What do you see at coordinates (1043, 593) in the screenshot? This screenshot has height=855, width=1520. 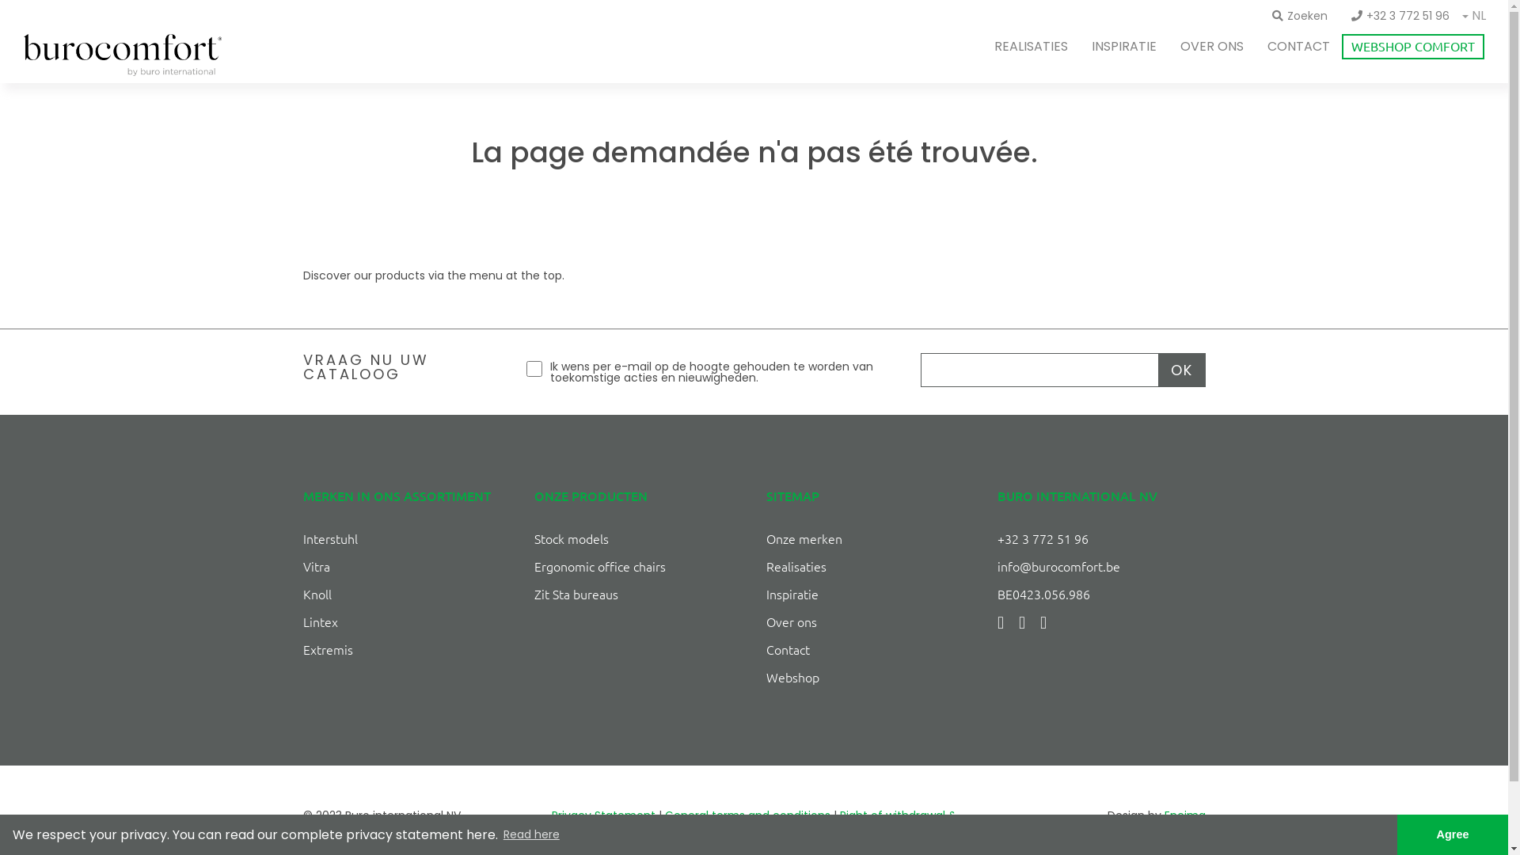 I see `'BE0423.056.986'` at bounding box center [1043, 593].